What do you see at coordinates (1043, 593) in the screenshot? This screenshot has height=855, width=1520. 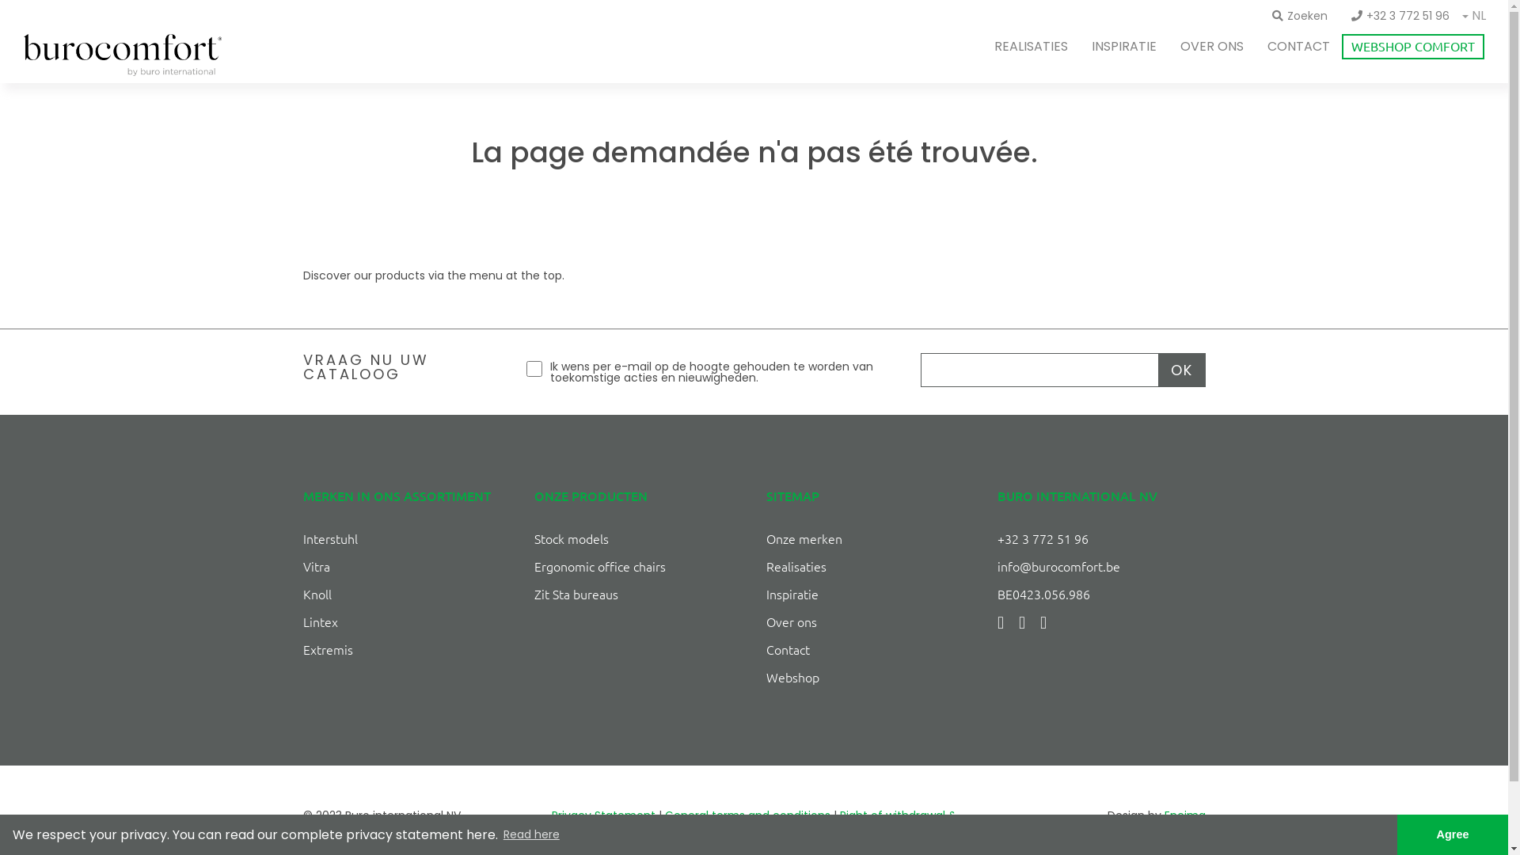 I see `'BE0423.056.986'` at bounding box center [1043, 593].